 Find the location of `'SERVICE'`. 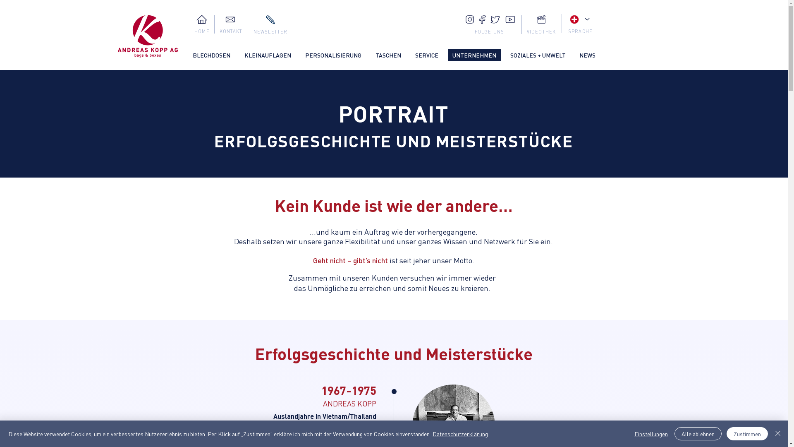

'SERVICE' is located at coordinates (426, 55).